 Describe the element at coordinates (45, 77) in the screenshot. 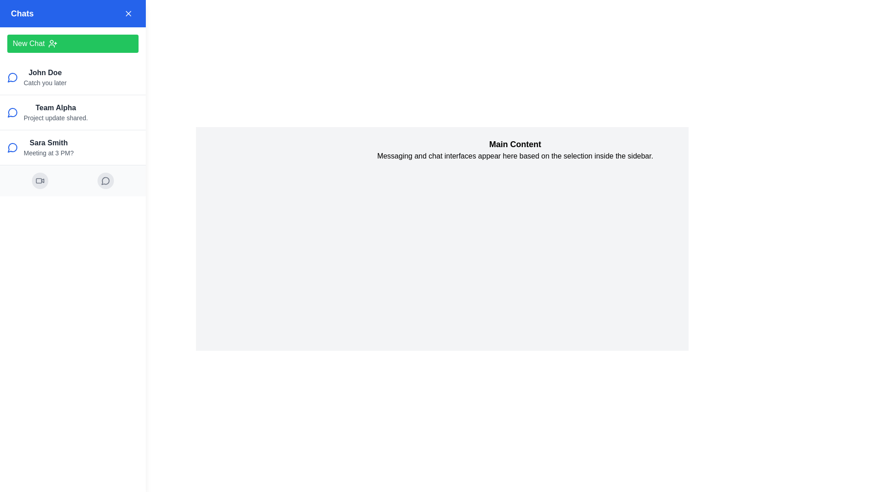

I see `the text block displaying 'John Doe' and 'Catch you later' in the sidebar, which is the first item in the list of contacts or chats` at that location.